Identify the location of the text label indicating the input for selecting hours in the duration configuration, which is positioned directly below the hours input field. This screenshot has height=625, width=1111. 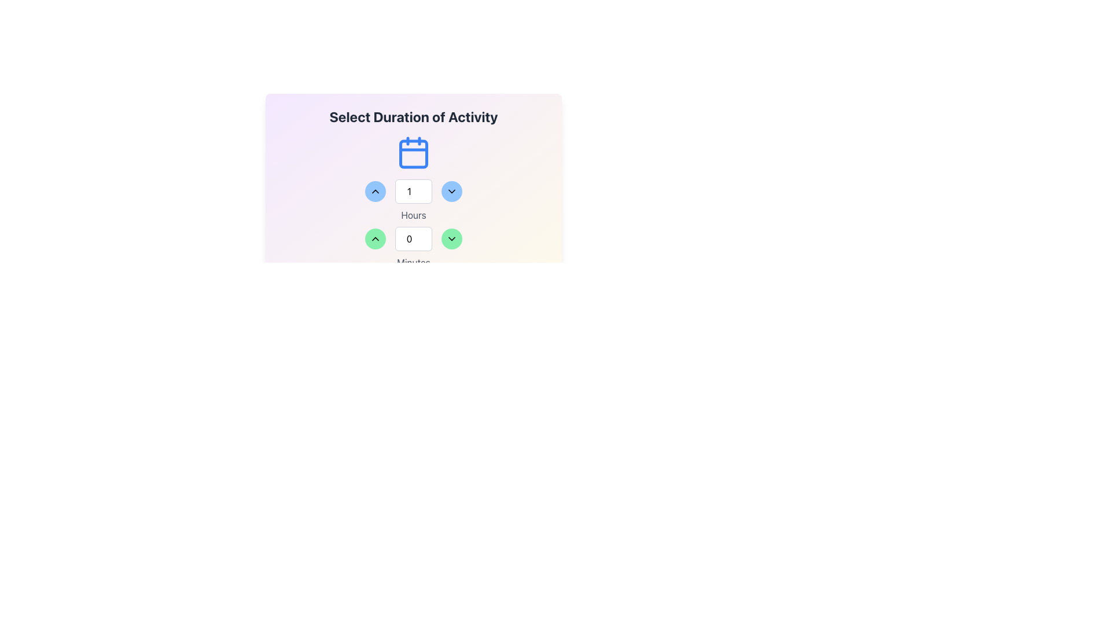
(414, 215).